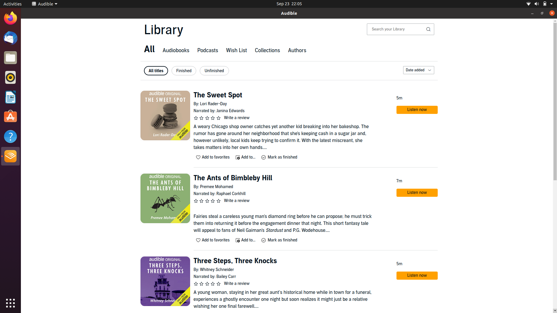  Describe the element at coordinates (297, 51) in the screenshot. I see `authors page` at that location.